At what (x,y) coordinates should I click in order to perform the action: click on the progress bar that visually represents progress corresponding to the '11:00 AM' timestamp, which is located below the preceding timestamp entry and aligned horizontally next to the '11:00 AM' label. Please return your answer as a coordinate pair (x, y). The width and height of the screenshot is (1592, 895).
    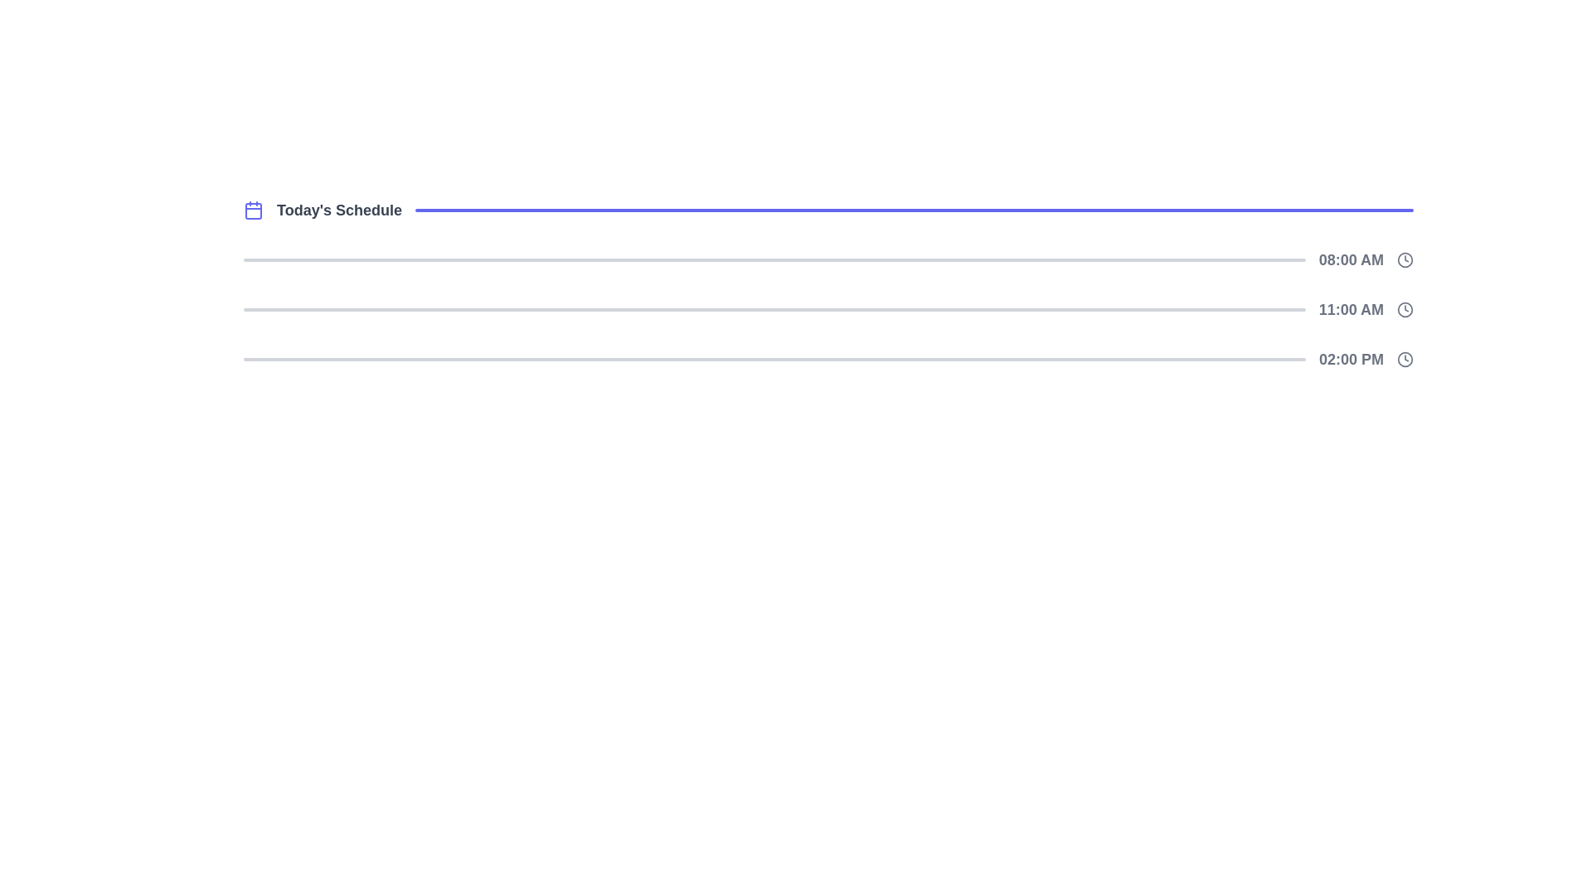
    Looking at the image, I should click on (774, 310).